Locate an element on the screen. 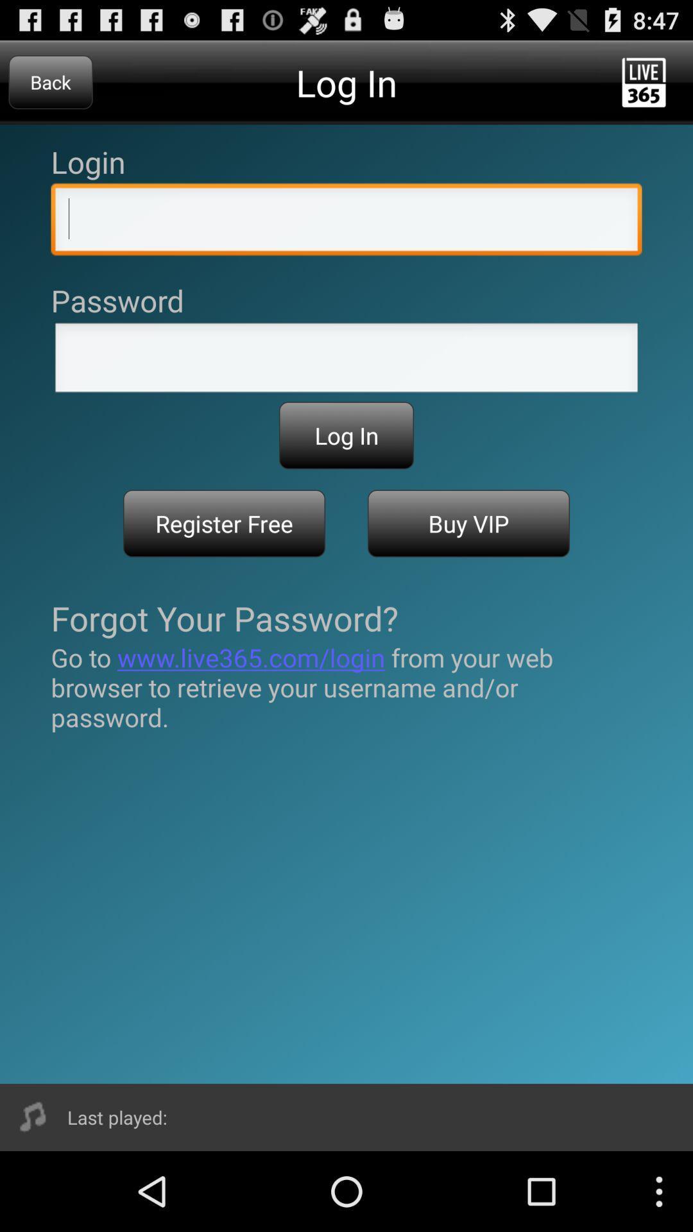  buy vip icon is located at coordinates (468, 524).